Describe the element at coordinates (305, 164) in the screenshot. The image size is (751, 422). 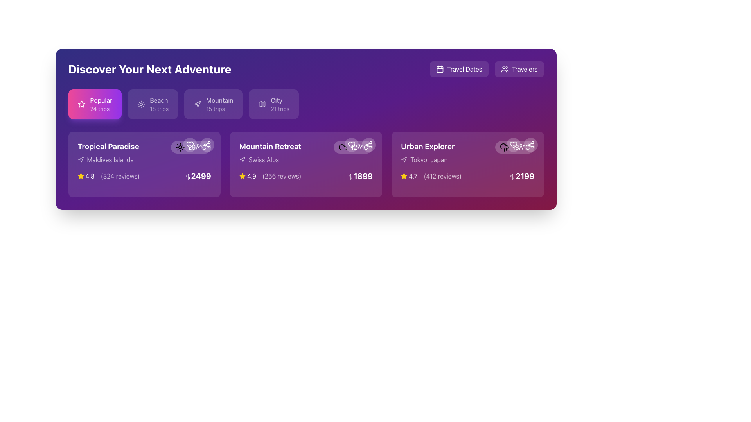
I see `the second card in the travel destination selection grid` at that location.